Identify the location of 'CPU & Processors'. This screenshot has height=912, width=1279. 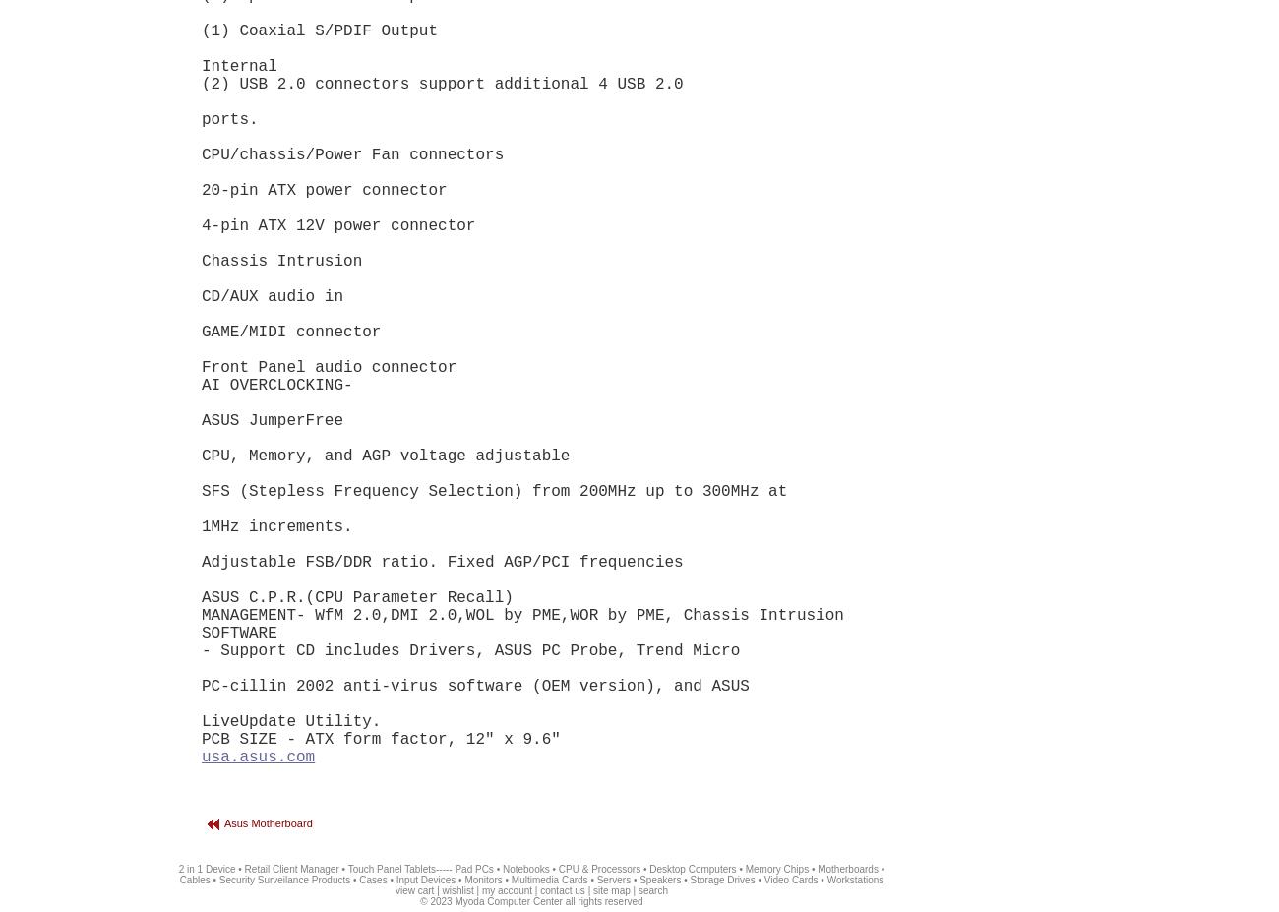
(599, 869).